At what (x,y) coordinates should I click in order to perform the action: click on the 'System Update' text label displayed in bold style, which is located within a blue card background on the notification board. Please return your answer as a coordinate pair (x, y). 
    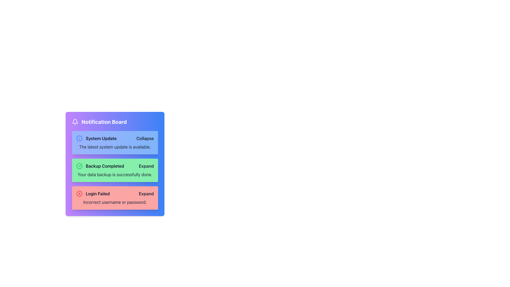
    Looking at the image, I should click on (101, 138).